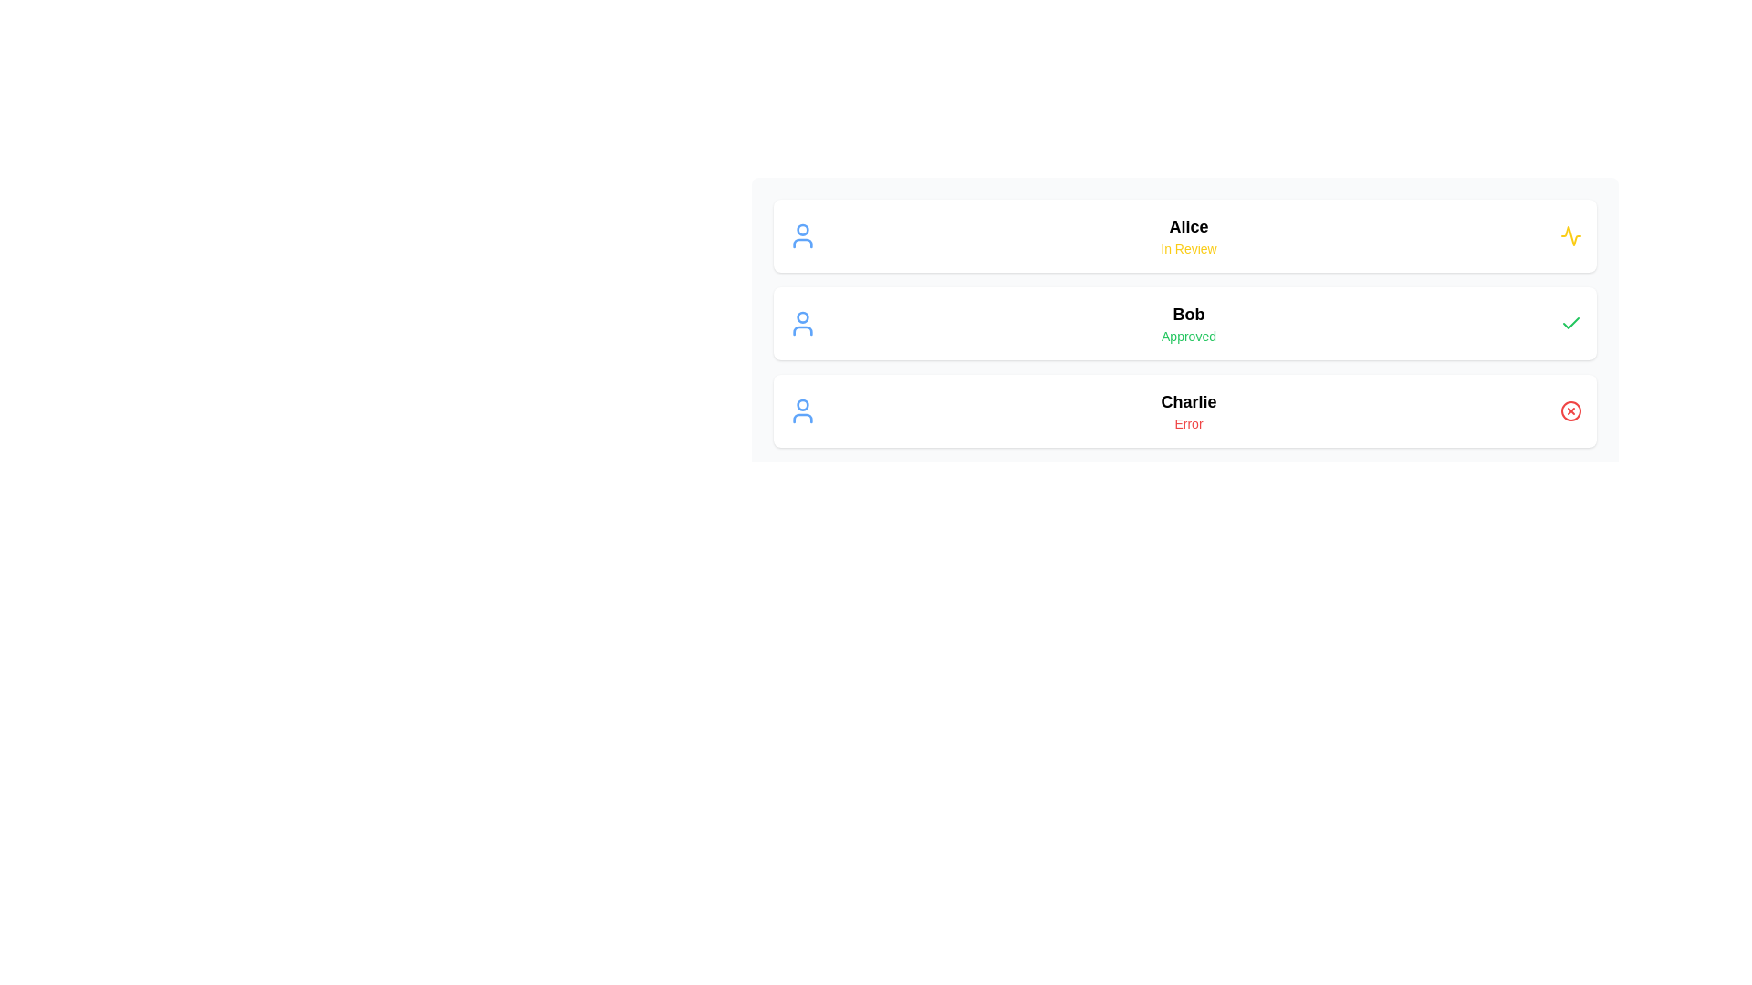  What do you see at coordinates (802, 322) in the screenshot?
I see `the user avatar icon representing 'Bob', which is located left of the text 'Bob Approved' in the second row of user-related entries` at bounding box center [802, 322].